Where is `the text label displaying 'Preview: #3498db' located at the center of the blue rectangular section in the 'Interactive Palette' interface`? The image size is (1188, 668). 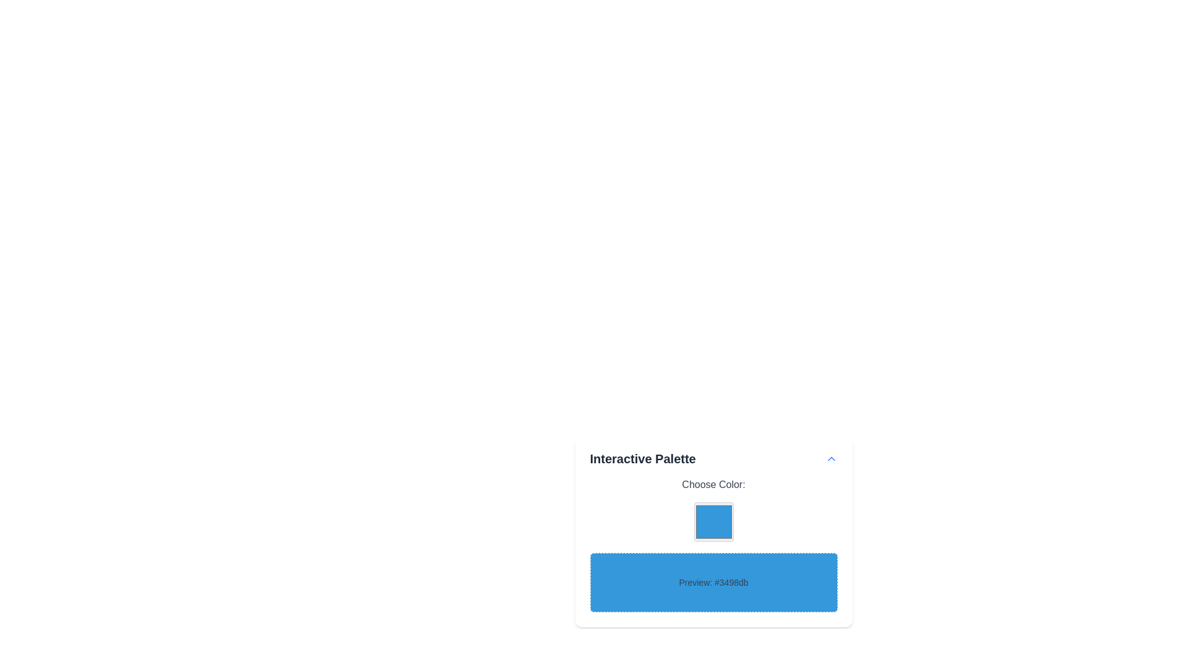 the text label displaying 'Preview: #3498db' located at the center of the blue rectangular section in the 'Interactive Palette' interface is located at coordinates (713, 582).